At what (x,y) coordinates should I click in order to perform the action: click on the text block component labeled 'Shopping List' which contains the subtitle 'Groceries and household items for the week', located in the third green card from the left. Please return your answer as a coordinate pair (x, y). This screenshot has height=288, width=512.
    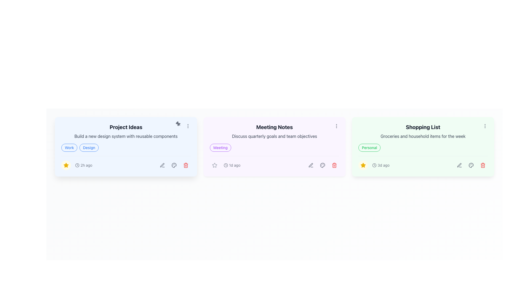
    Looking at the image, I should click on (423, 131).